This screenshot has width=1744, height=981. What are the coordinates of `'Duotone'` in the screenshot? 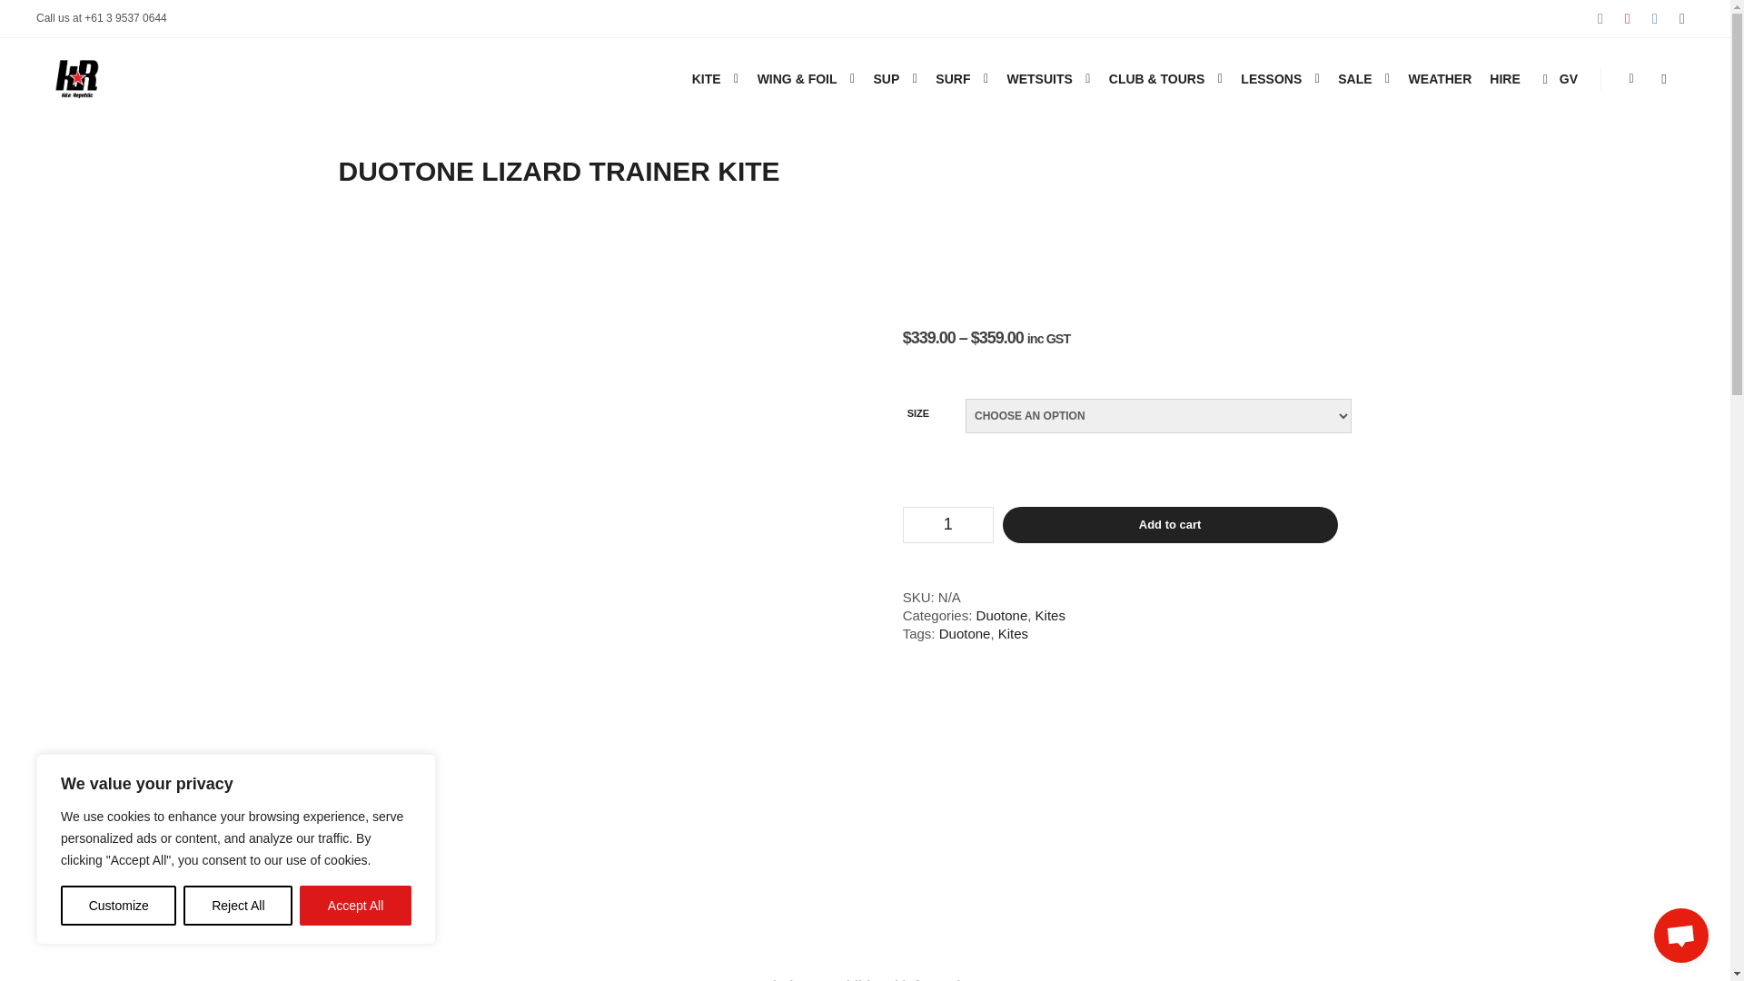 It's located at (938, 632).